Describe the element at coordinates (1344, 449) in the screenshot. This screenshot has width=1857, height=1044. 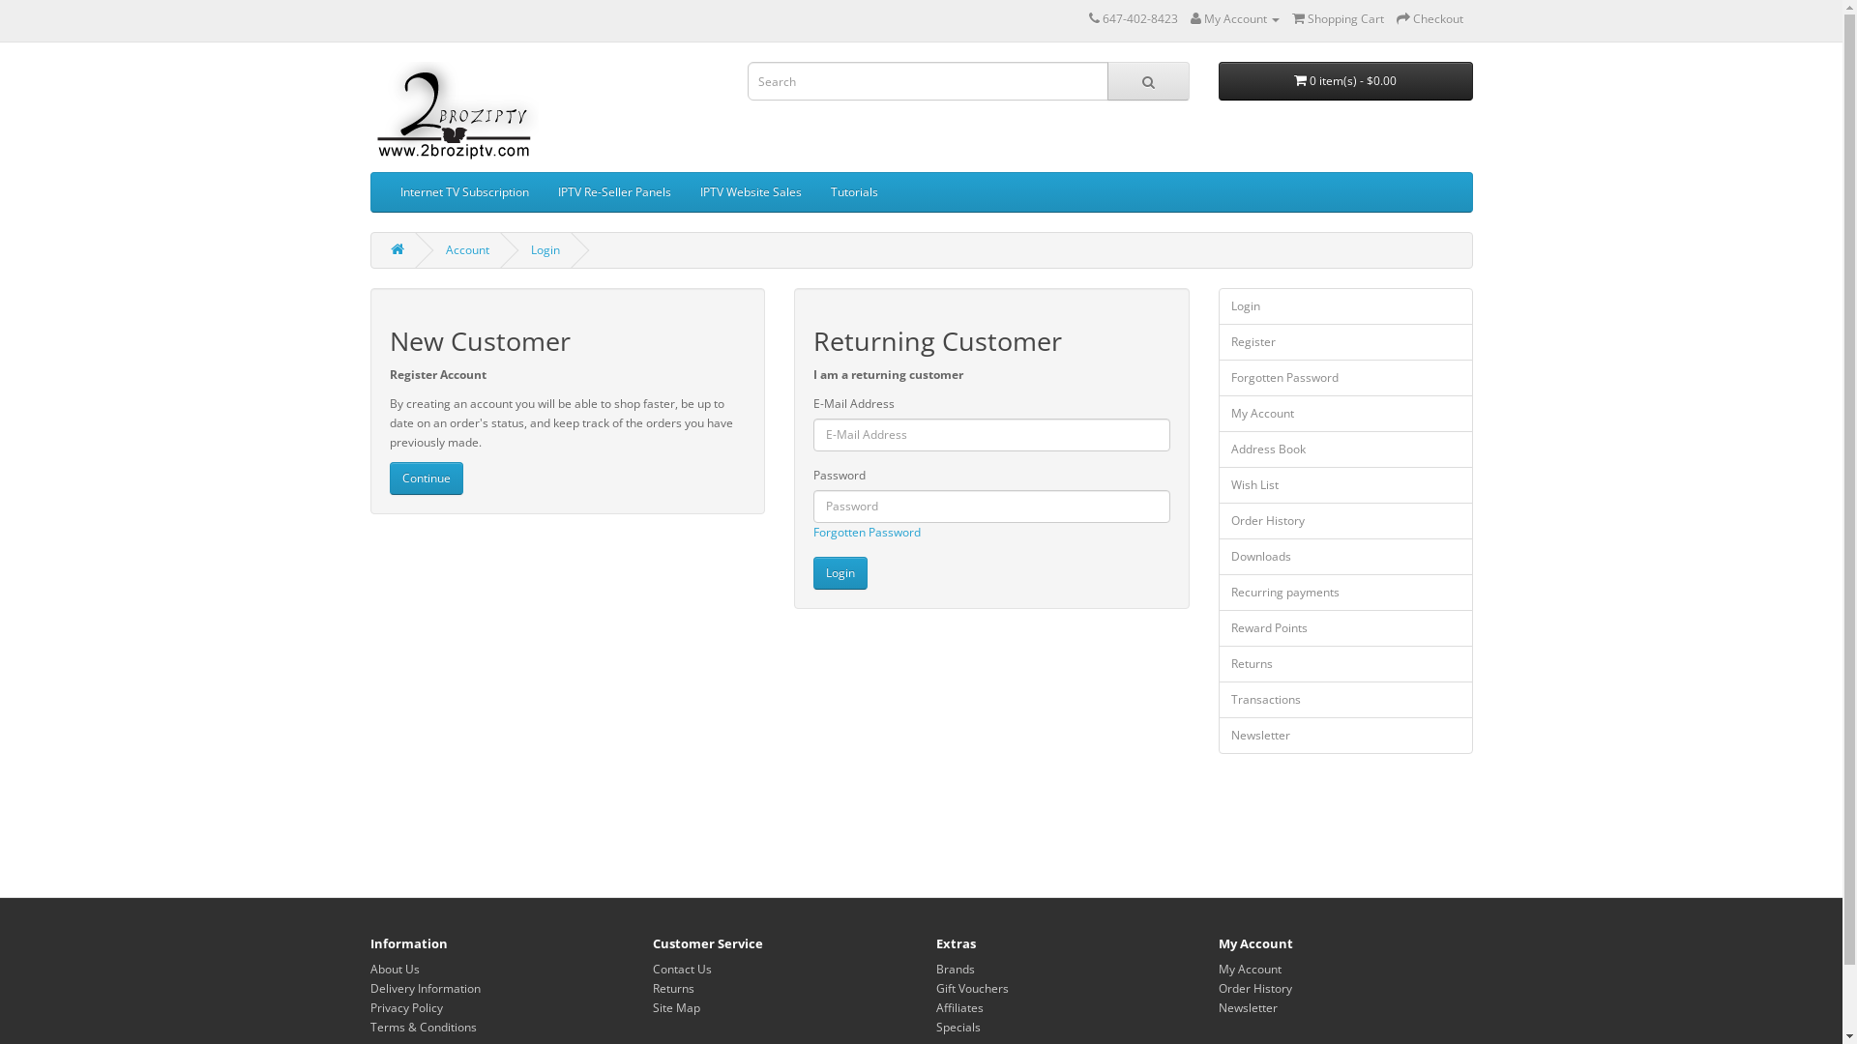
I see `'Address Book'` at that location.